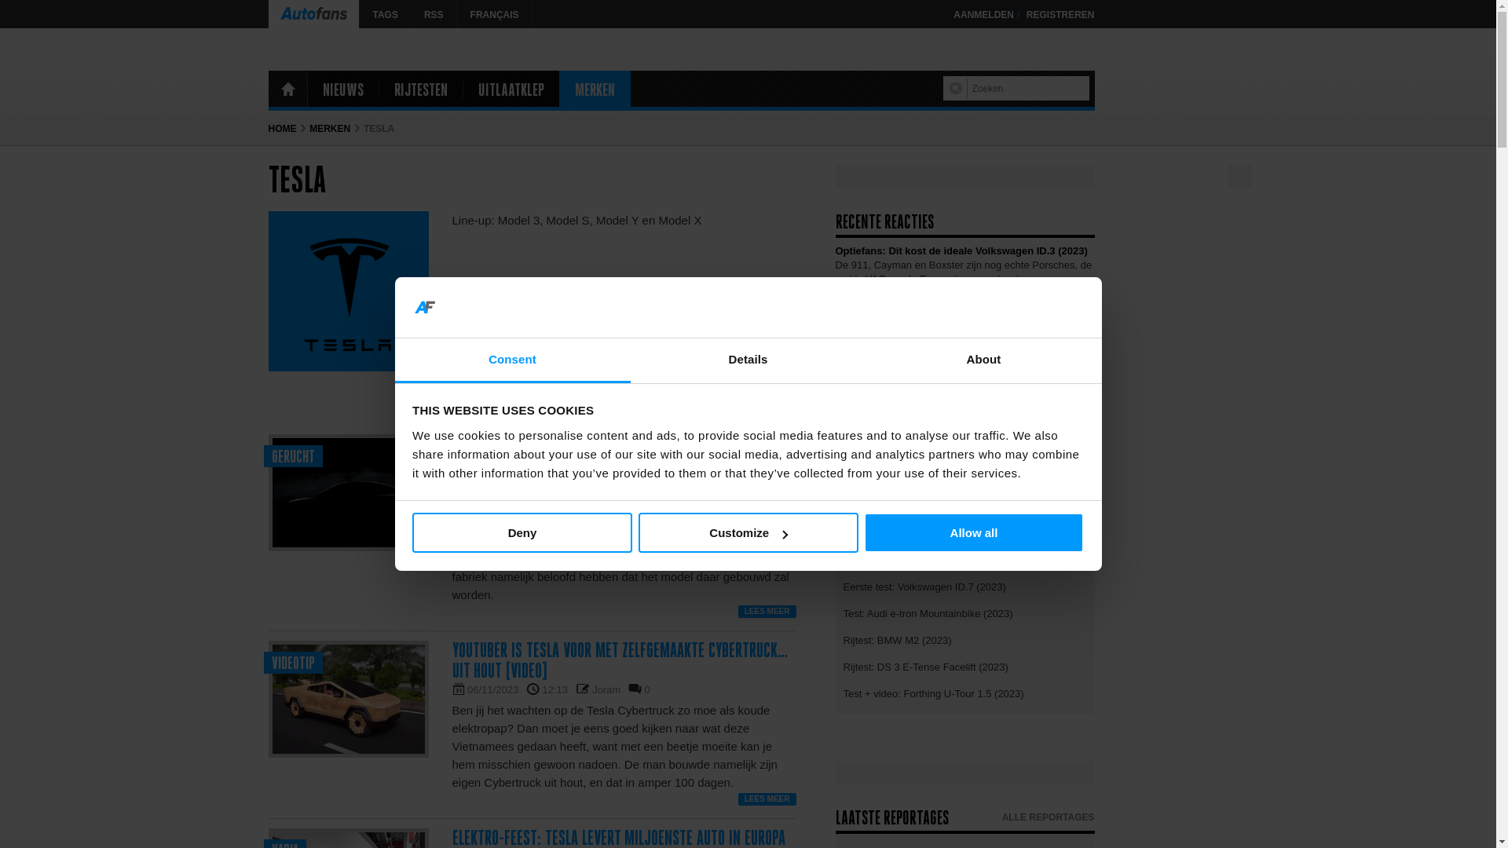  Describe the element at coordinates (738, 611) in the screenshot. I see `'LEES MEER'` at that location.